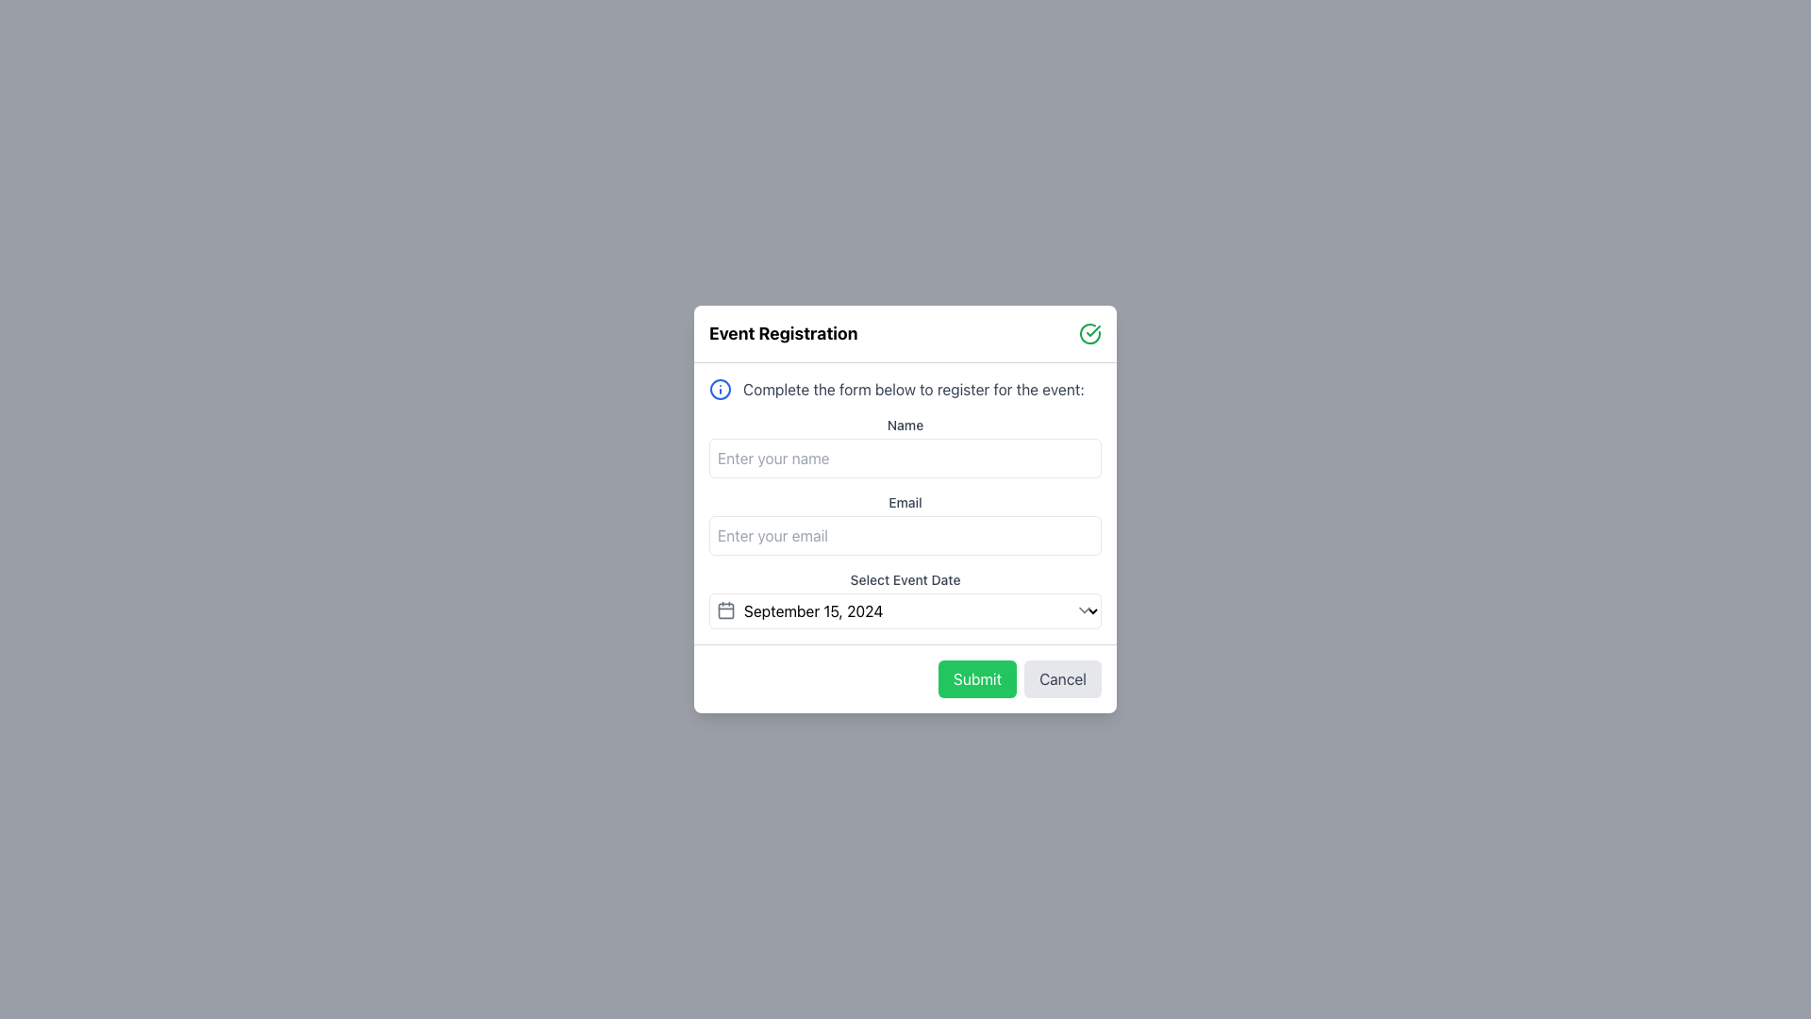 The height and width of the screenshot is (1019, 1811). What do you see at coordinates (1063, 679) in the screenshot?
I see `the cancel button located at the bottom-right of the modal, immediately to the right of the 'Submit' button` at bounding box center [1063, 679].